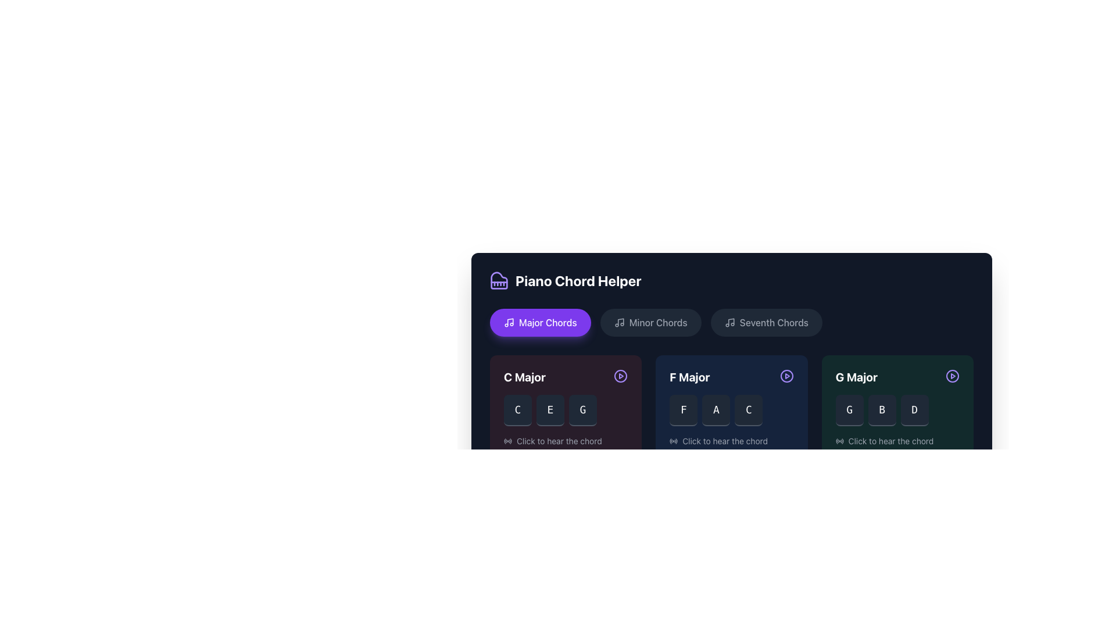  I want to click on the interactive audio playback control icon for the 'F Major' chord, so click(674, 441).